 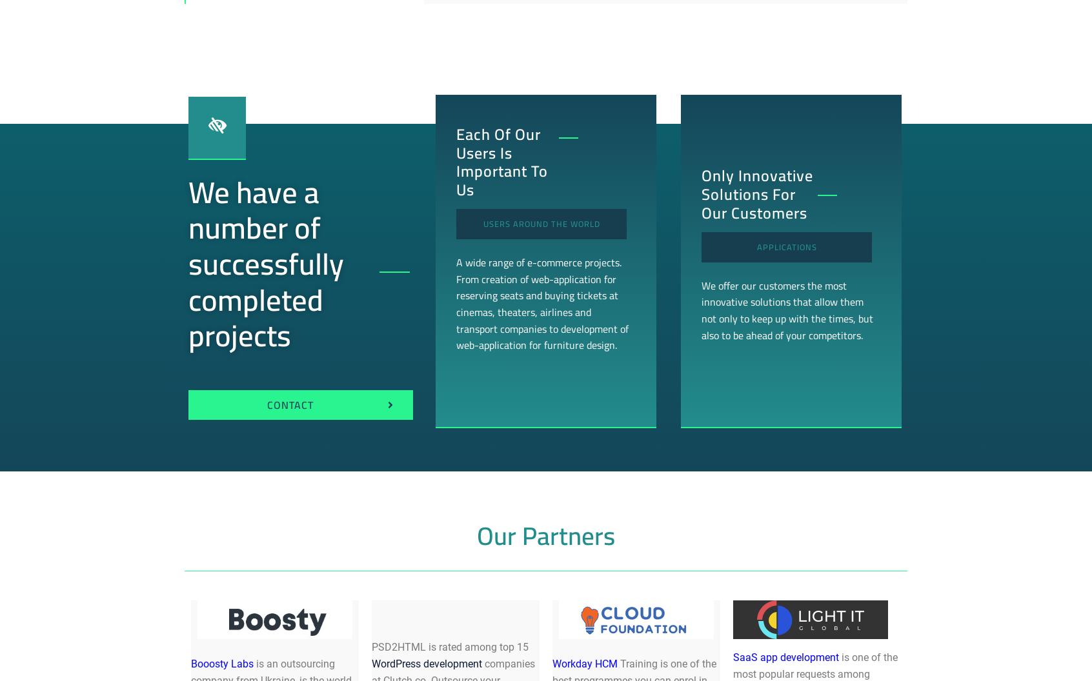 What do you see at coordinates (501, 161) in the screenshot?
I see `'Each of our users is important to us'` at bounding box center [501, 161].